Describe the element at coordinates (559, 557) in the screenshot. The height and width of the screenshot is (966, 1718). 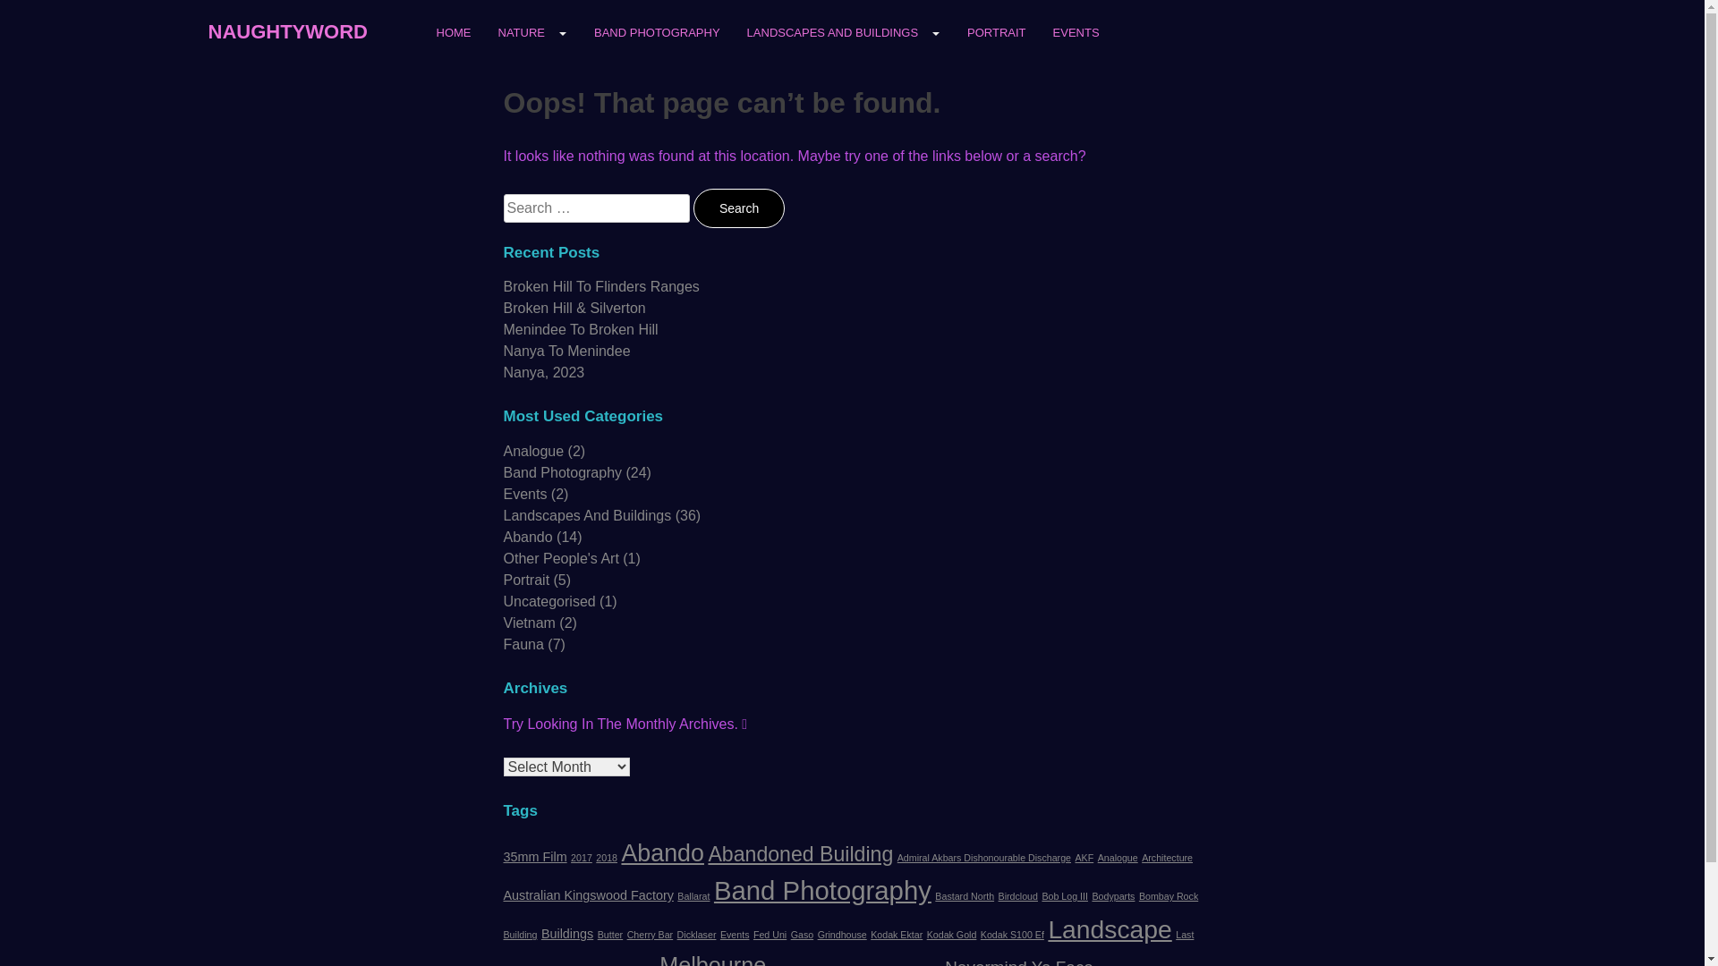
I see `'Other People'S Art'` at that location.